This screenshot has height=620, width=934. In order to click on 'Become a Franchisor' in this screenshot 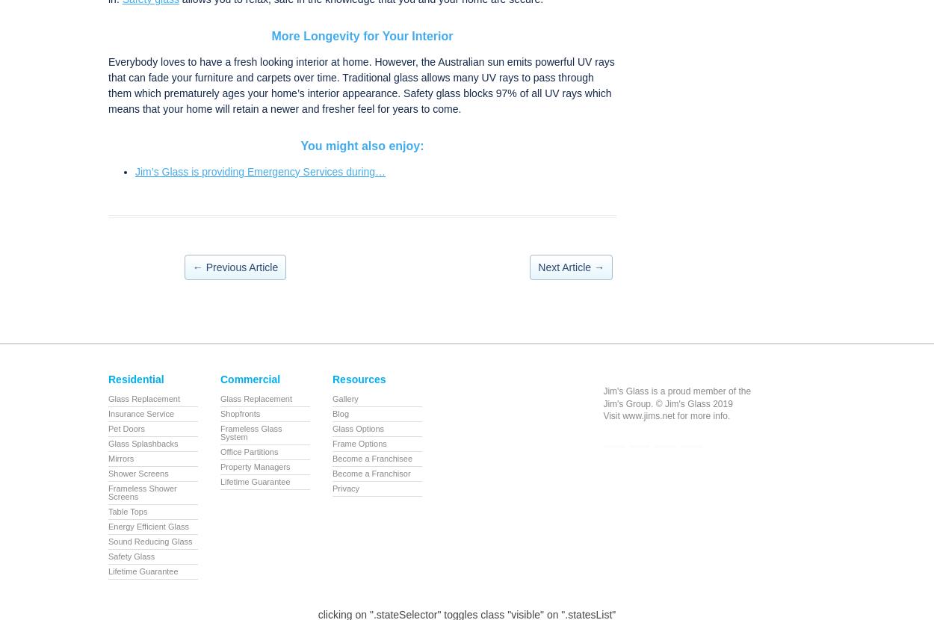, I will do `click(371, 472)`.